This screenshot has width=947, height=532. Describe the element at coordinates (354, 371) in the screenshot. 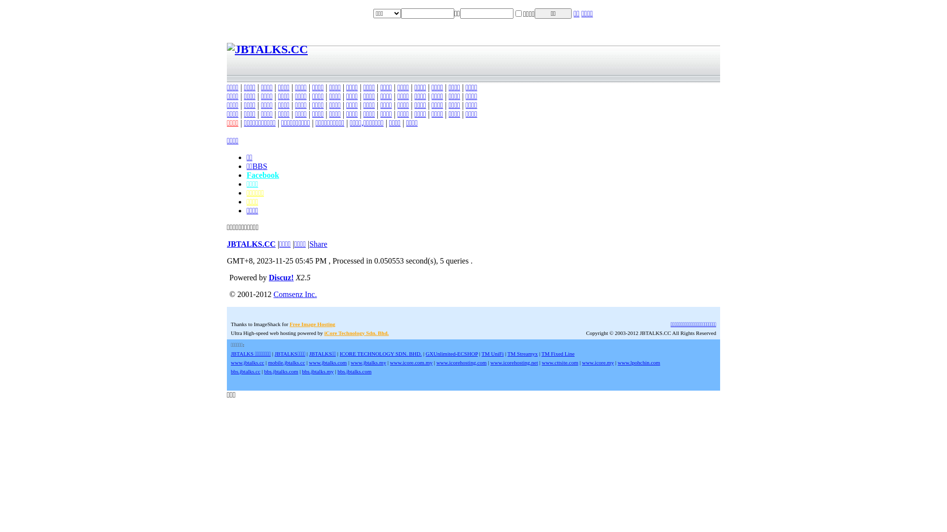

I see `'bbs.jbtalks.com'` at that location.